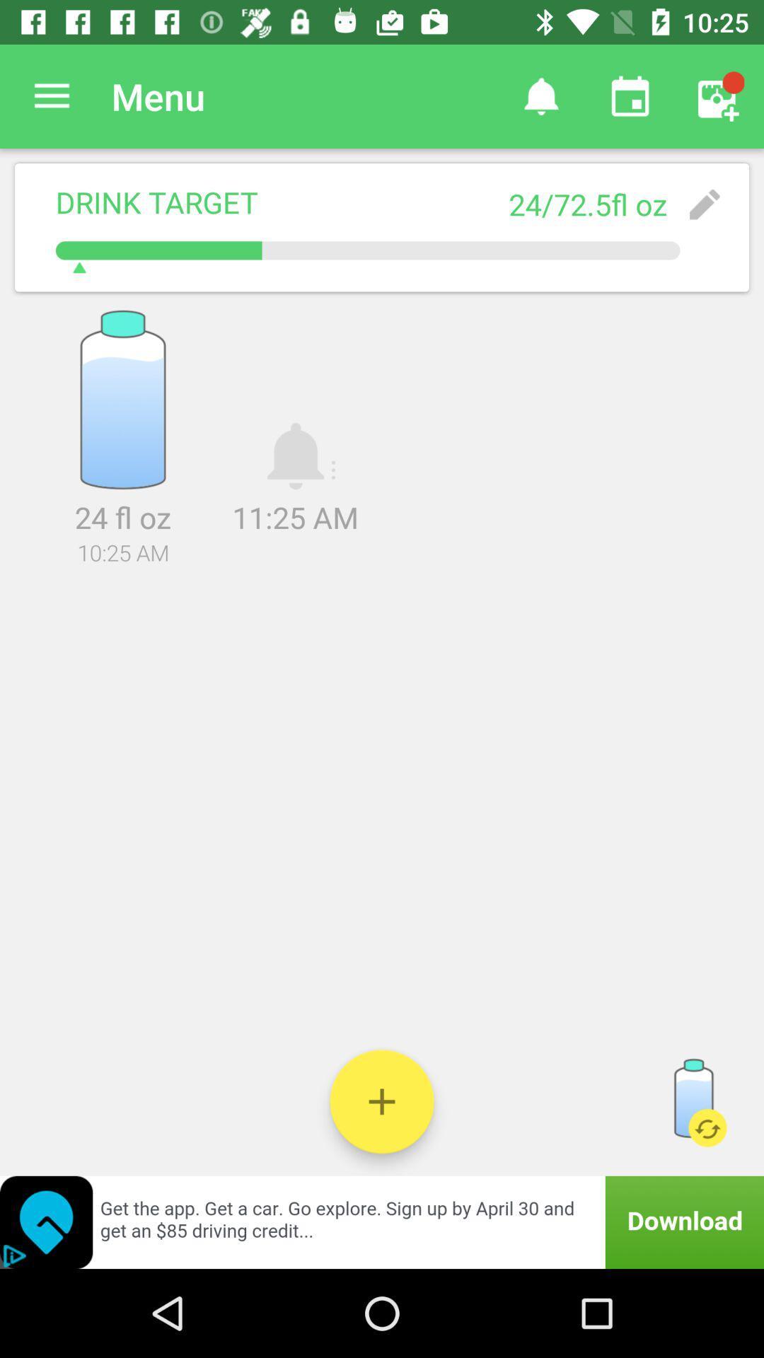 Image resolution: width=764 pixels, height=1358 pixels. I want to click on another bottle, so click(382, 1101).